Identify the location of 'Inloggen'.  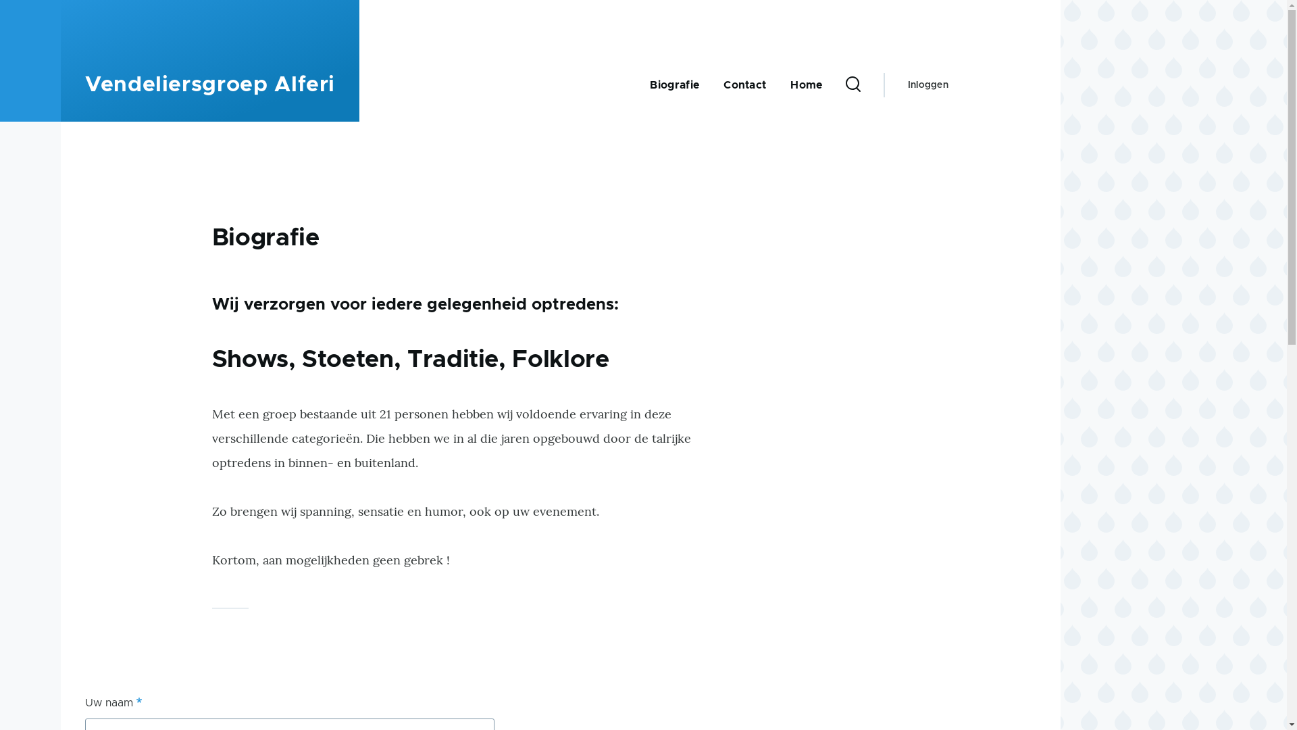
(927, 85).